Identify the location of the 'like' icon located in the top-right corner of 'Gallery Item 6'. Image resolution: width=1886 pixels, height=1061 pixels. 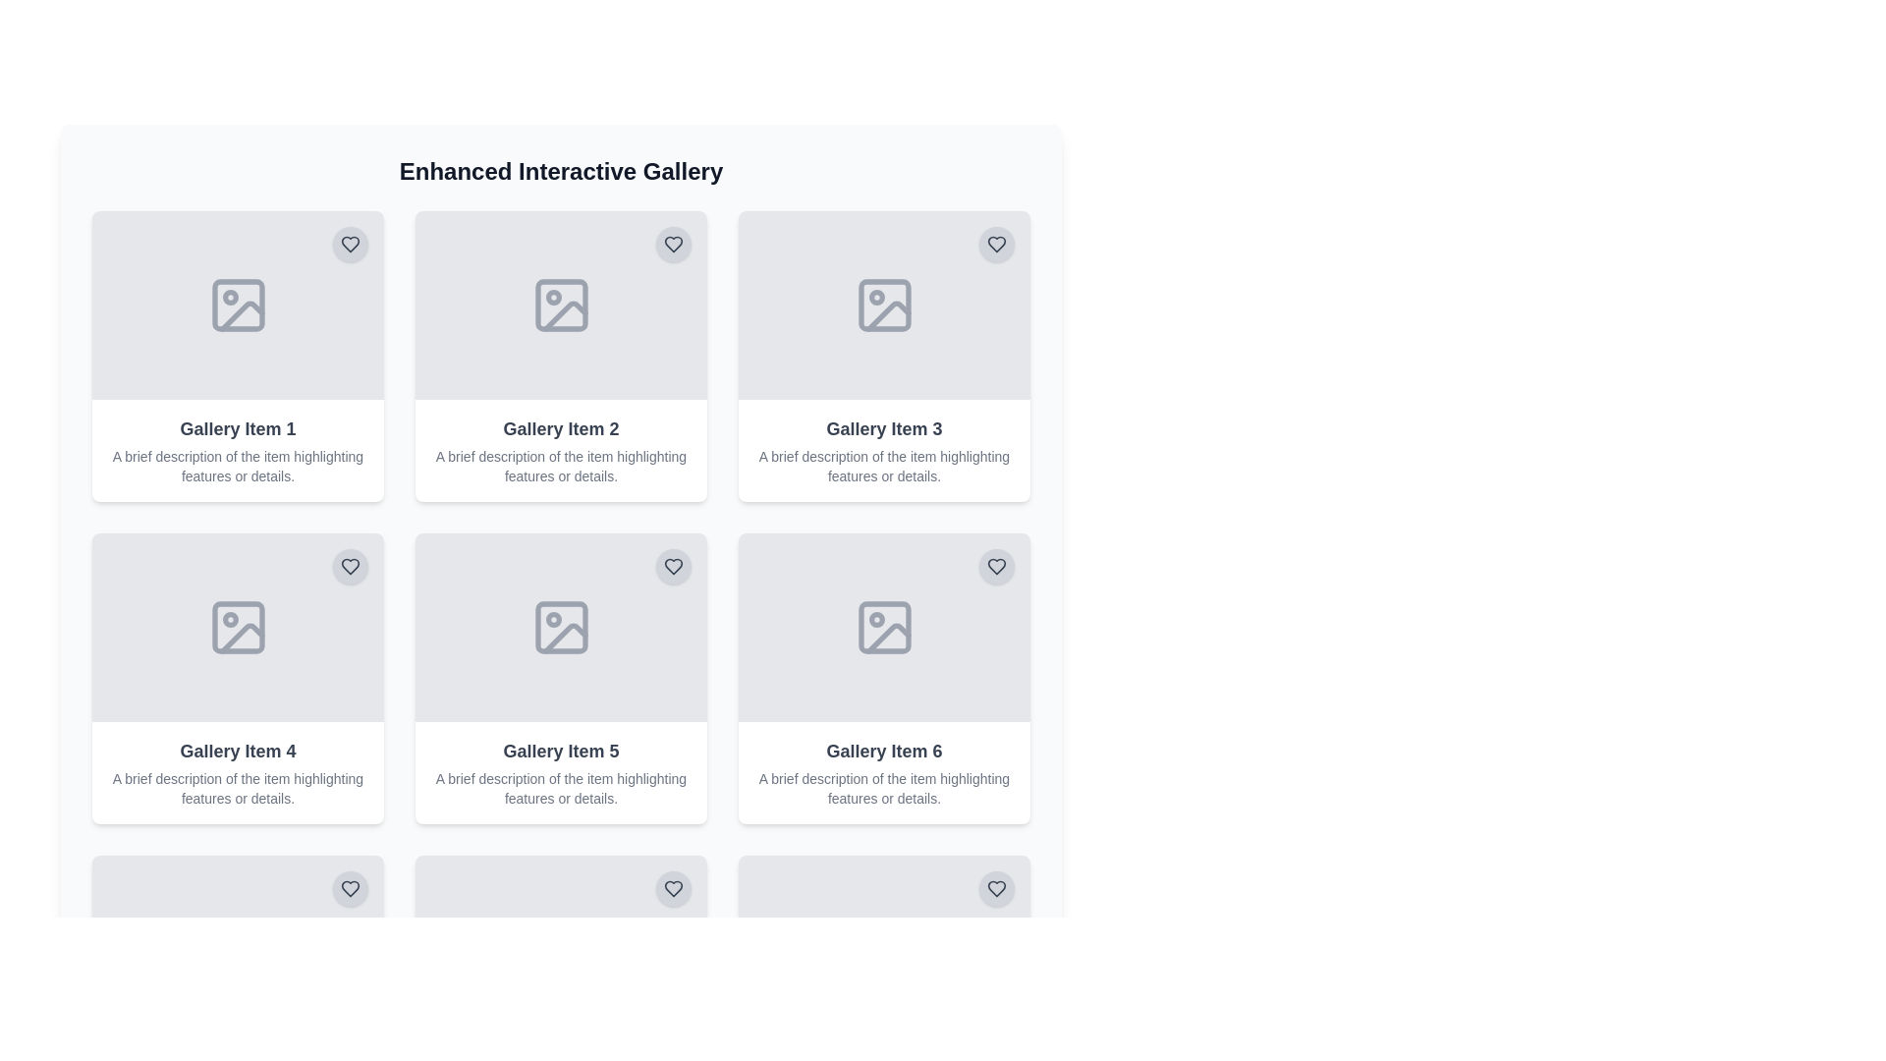
(674, 889).